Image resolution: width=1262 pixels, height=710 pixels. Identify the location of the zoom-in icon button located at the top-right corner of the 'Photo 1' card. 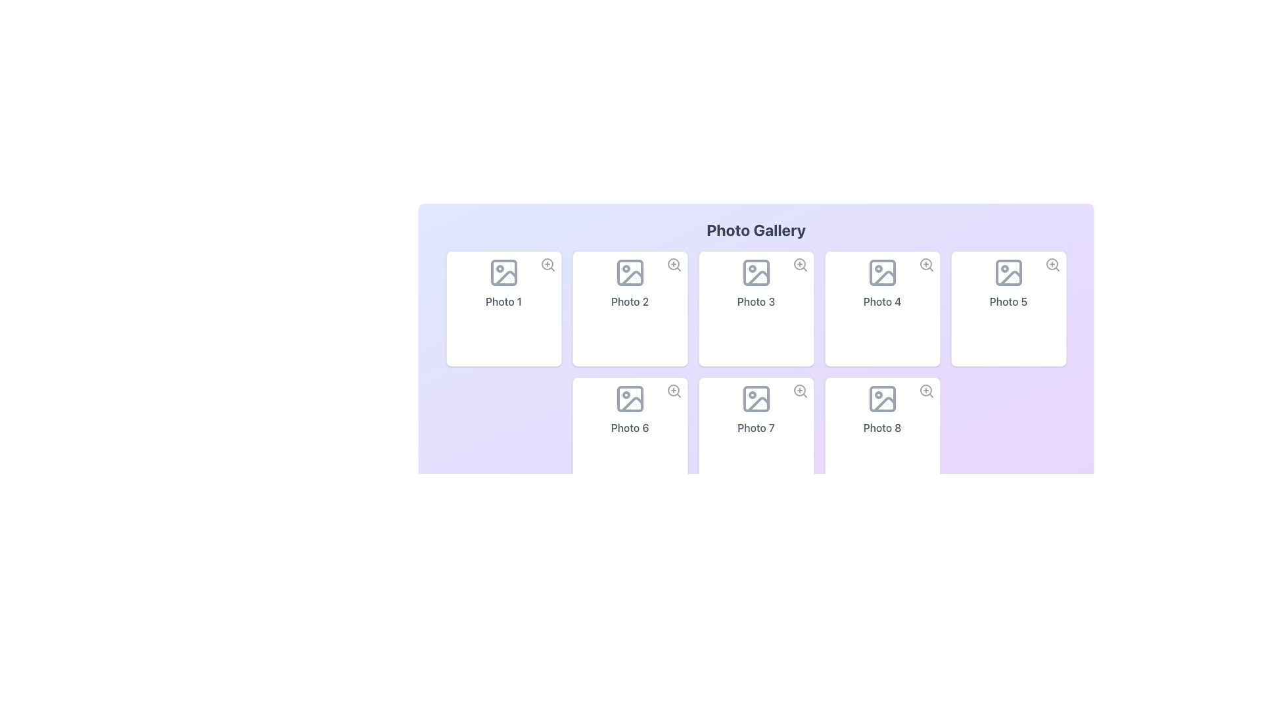
(548, 264).